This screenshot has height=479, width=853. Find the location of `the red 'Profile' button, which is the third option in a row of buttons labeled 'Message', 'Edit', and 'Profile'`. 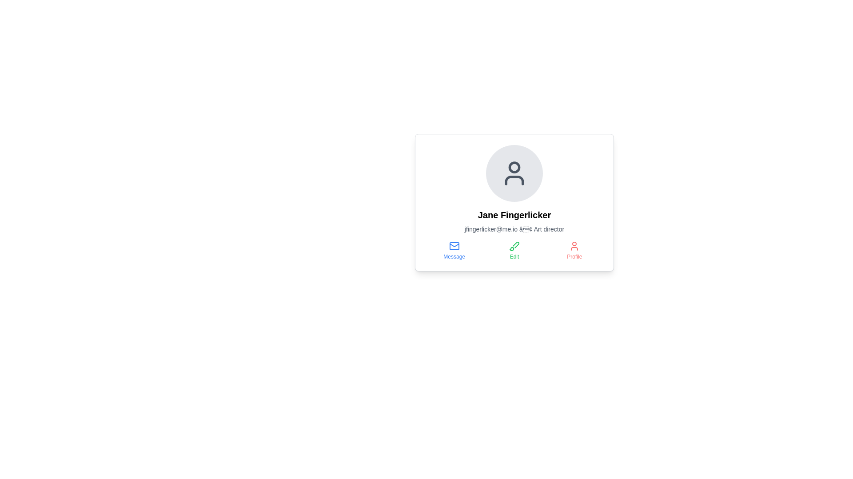

the red 'Profile' button, which is the third option in a row of buttons labeled 'Message', 'Edit', and 'Profile' is located at coordinates (574, 250).